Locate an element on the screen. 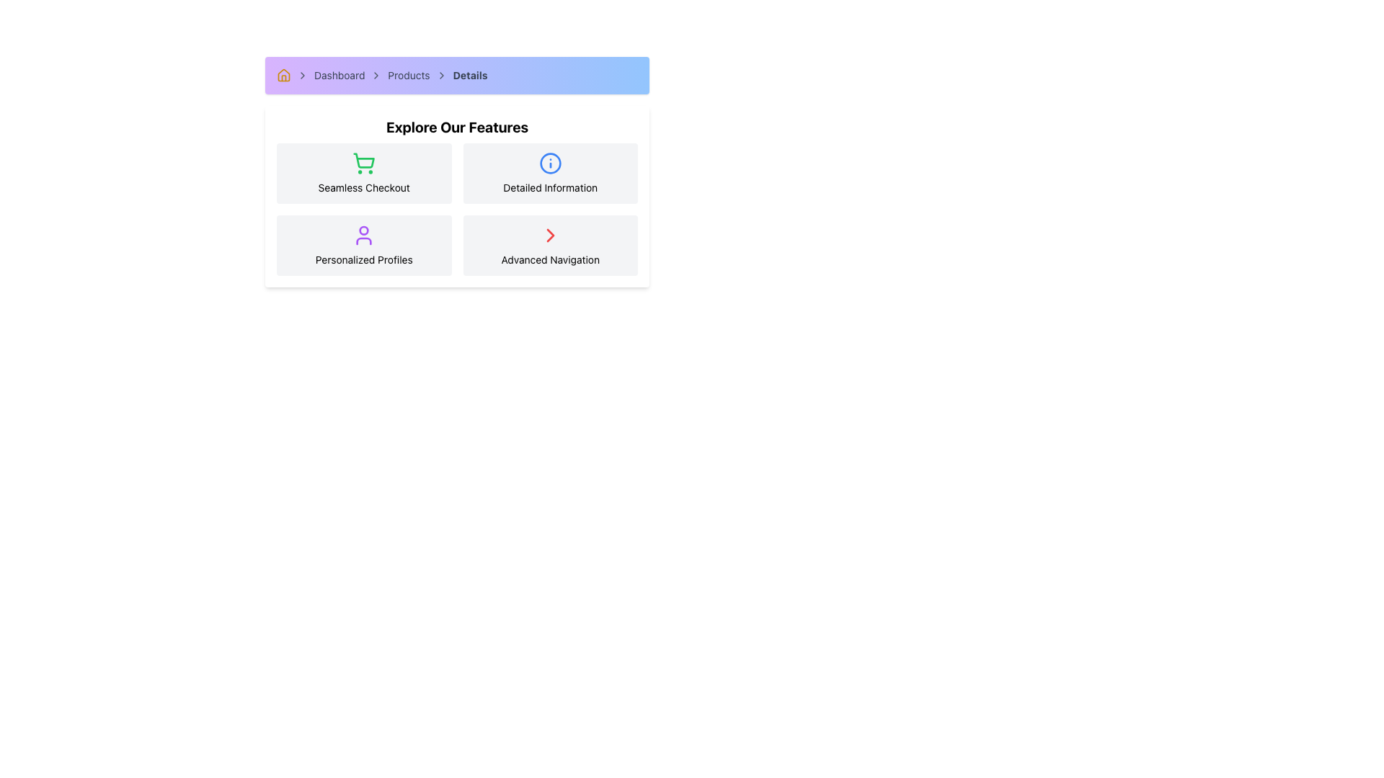 The width and height of the screenshot is (1384, 778). the information icon, which is a blue circular icon with a lowercase 'i' and a dot above it, located in the 'Detailed Information' card in the top-right area of the grid is located at coordinates (549, 163).